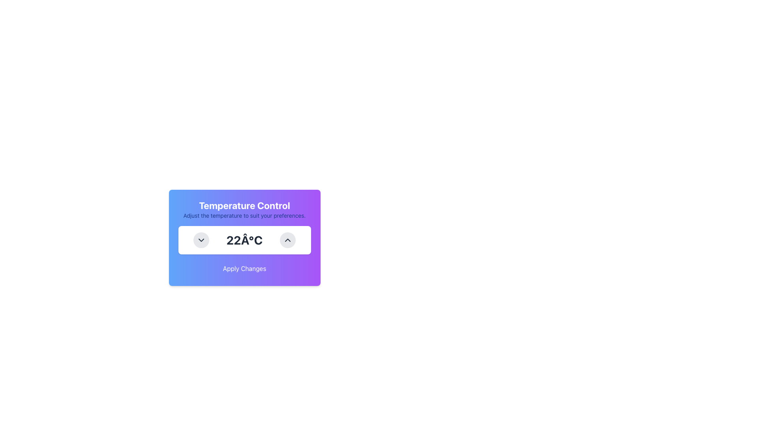  What do you see at coordinates (244, 205) in the screenshot?
I see `the text label that serves as the header for the temperature control settings card, located at the top-center of the card-like component` at bounding box center [244, 205].